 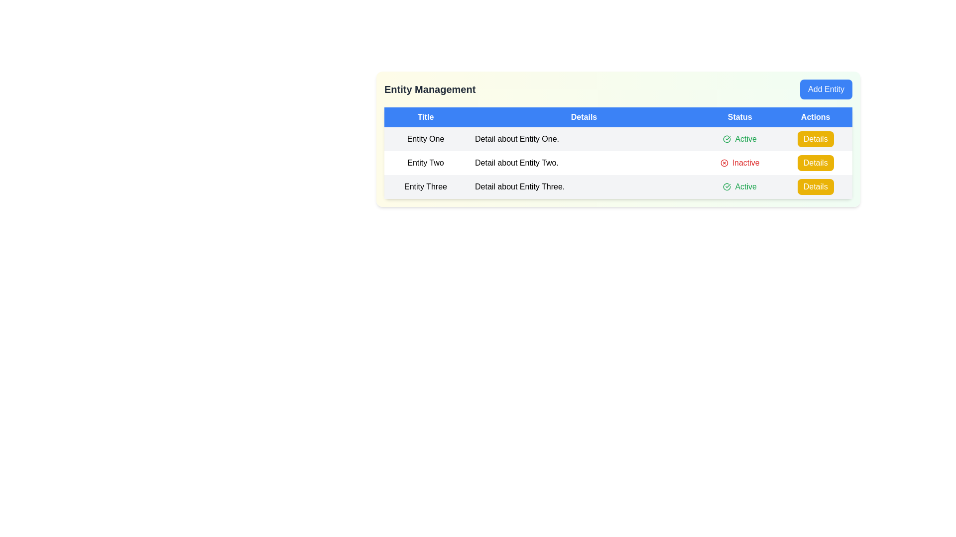 I want to click on the 'Active' label with a checkmark icon located in the 'Status' column of the first row in the table, so click(x=740, y=139).